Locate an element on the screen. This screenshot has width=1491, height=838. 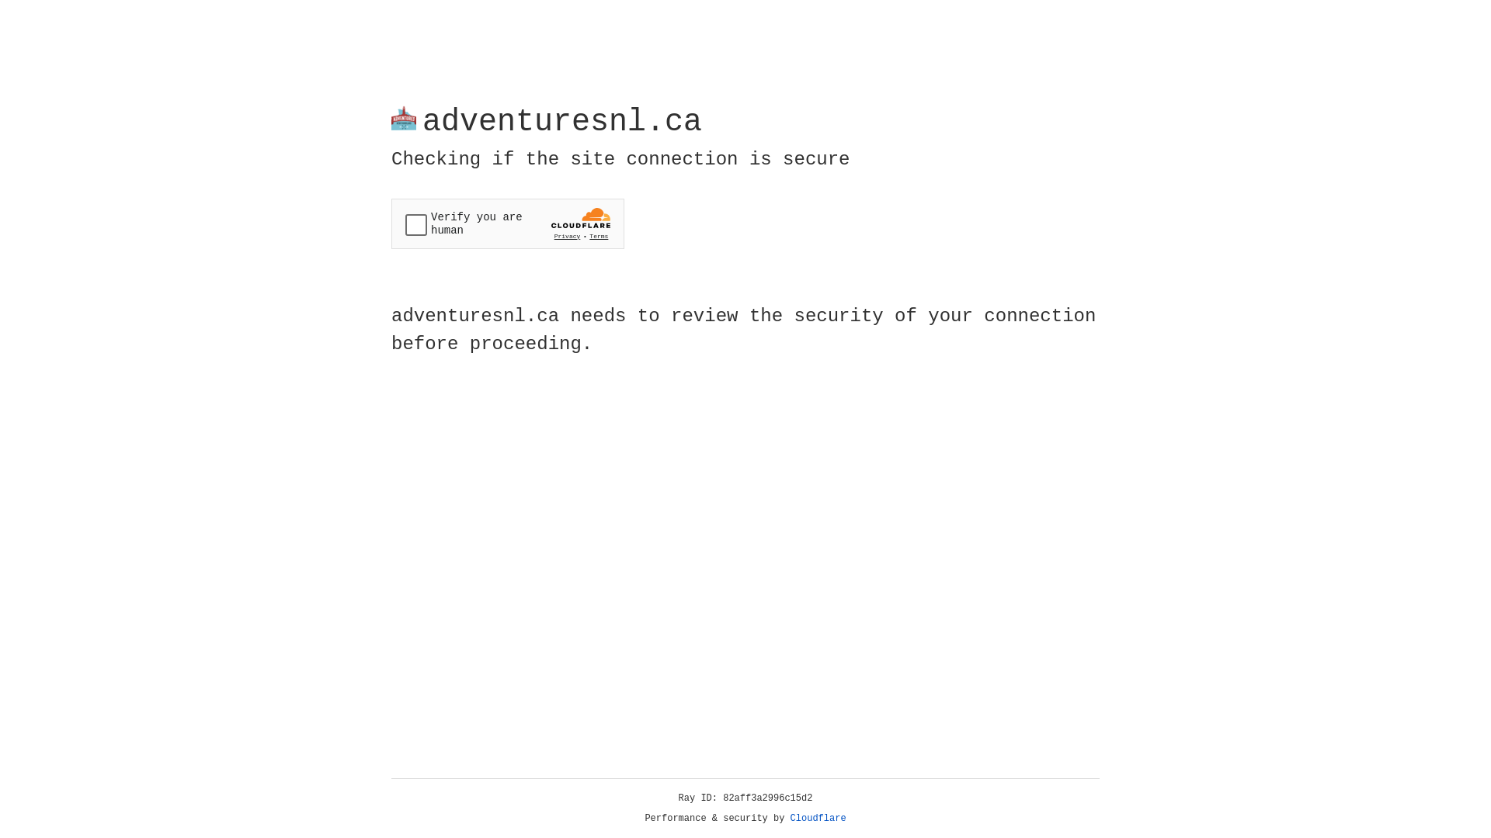
'Widget containing a Cloudflare security challenge' is located at coordinates (507, 223).